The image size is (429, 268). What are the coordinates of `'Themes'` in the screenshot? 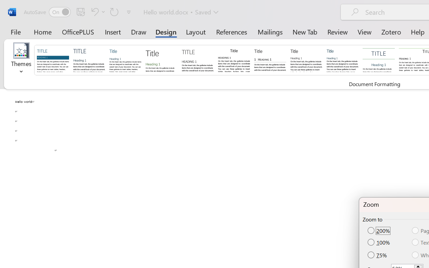 It's located at (21, 60).